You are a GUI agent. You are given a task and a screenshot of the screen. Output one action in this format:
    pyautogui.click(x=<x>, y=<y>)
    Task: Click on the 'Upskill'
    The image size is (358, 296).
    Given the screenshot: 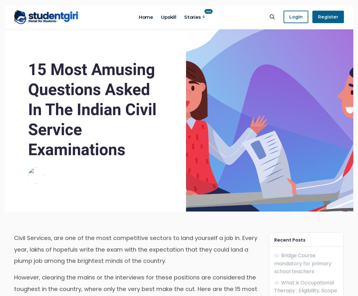 What is the action you would take?
    pyautogui.click(x=168, y=17)
    